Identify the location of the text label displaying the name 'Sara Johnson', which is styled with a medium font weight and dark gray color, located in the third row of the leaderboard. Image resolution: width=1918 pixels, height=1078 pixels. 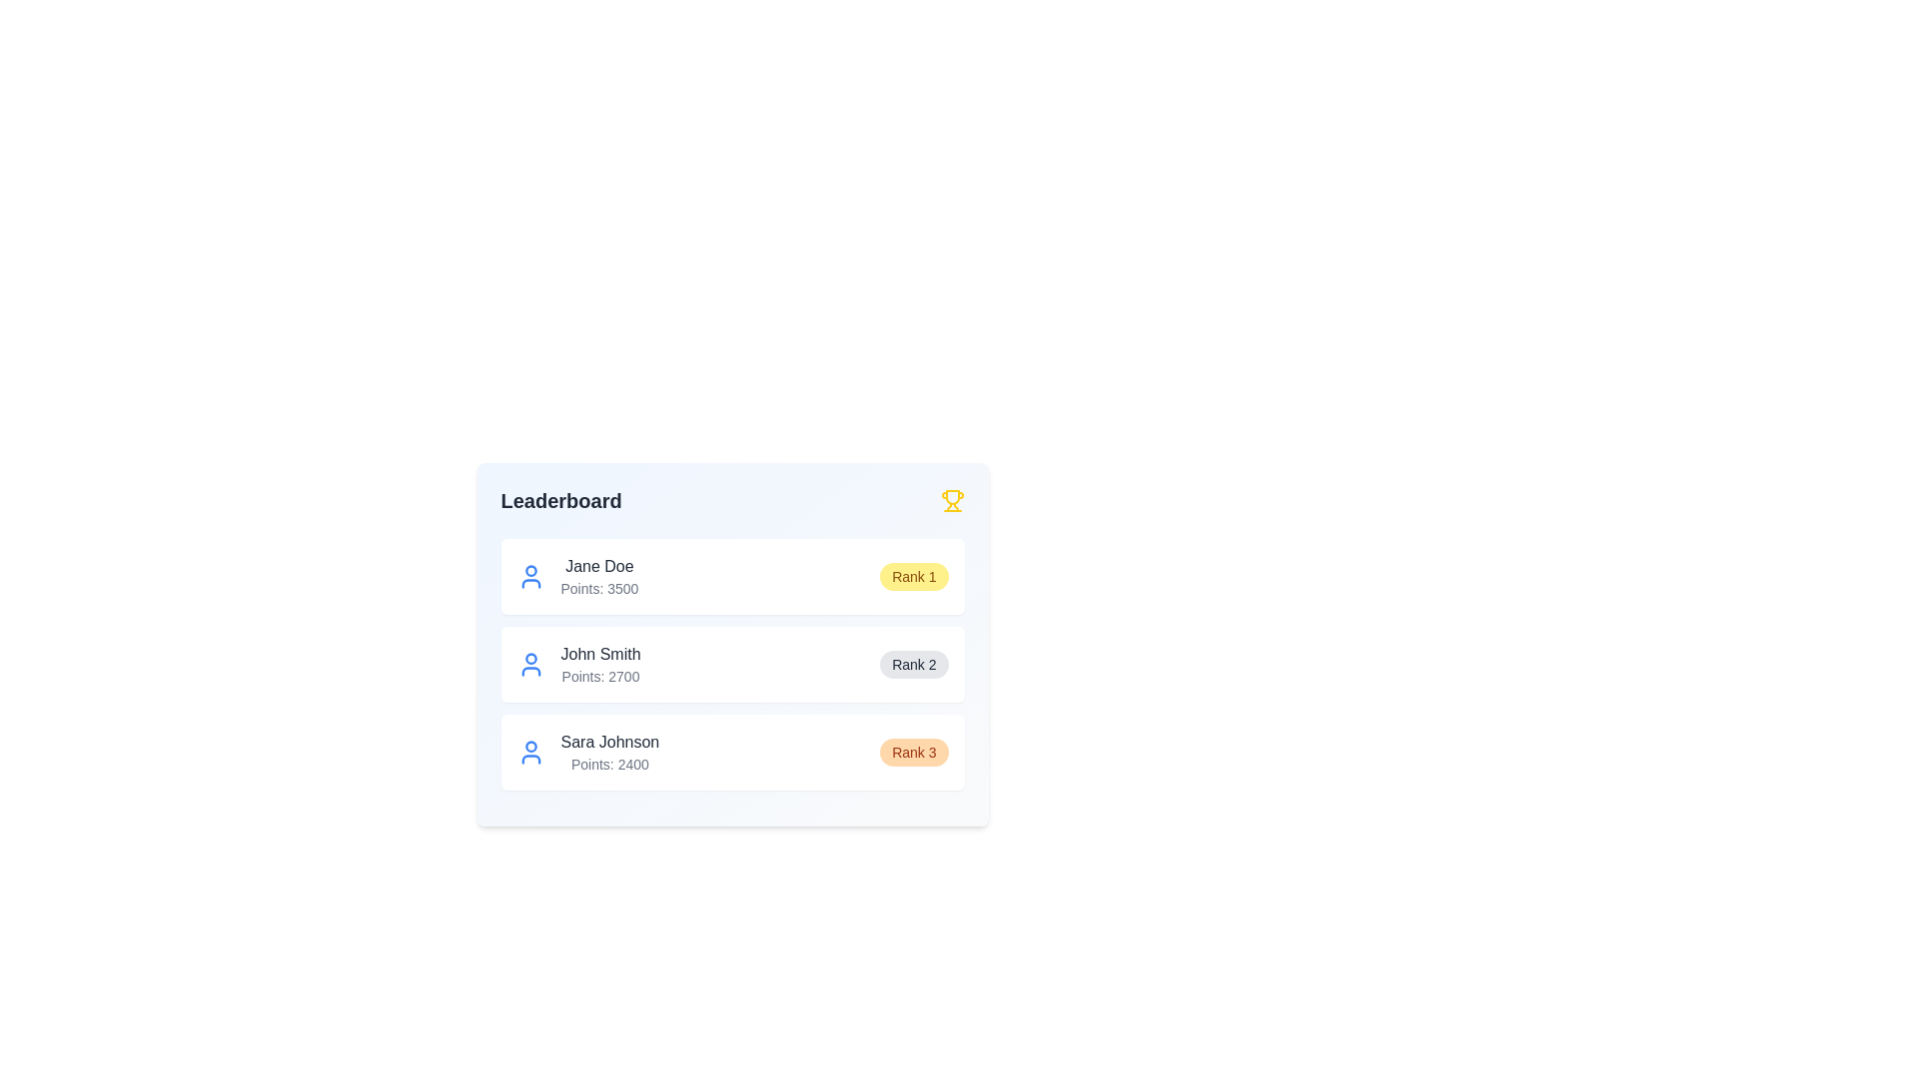
(608, 743).